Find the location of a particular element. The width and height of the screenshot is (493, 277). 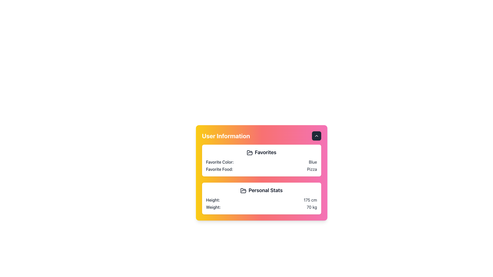

the up-chevron icon located in the top-right corner of the 'User Information' card to trigger the hover effect is located at coordinates (316, 135).